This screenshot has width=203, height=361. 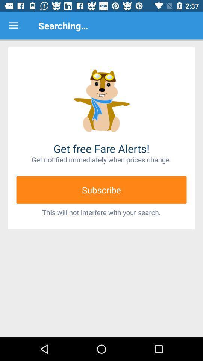 I want to click on icon above this will not icon, so click(x=101, y=190).